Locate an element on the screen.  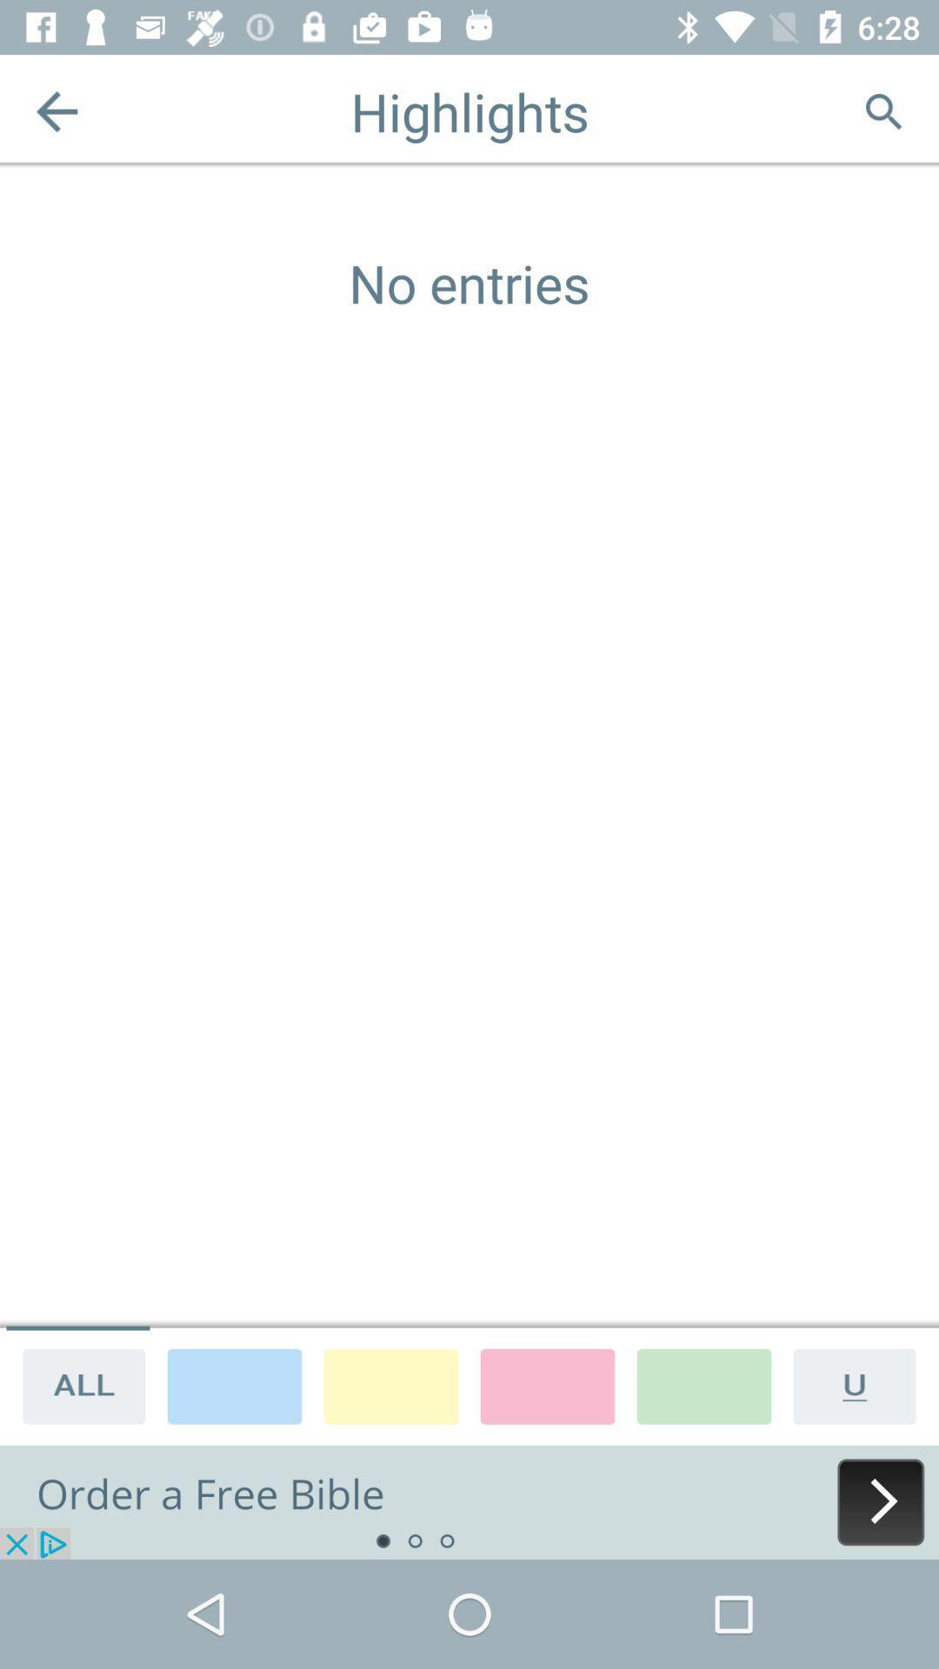
blue theme is located at coordinates (235, 1385).